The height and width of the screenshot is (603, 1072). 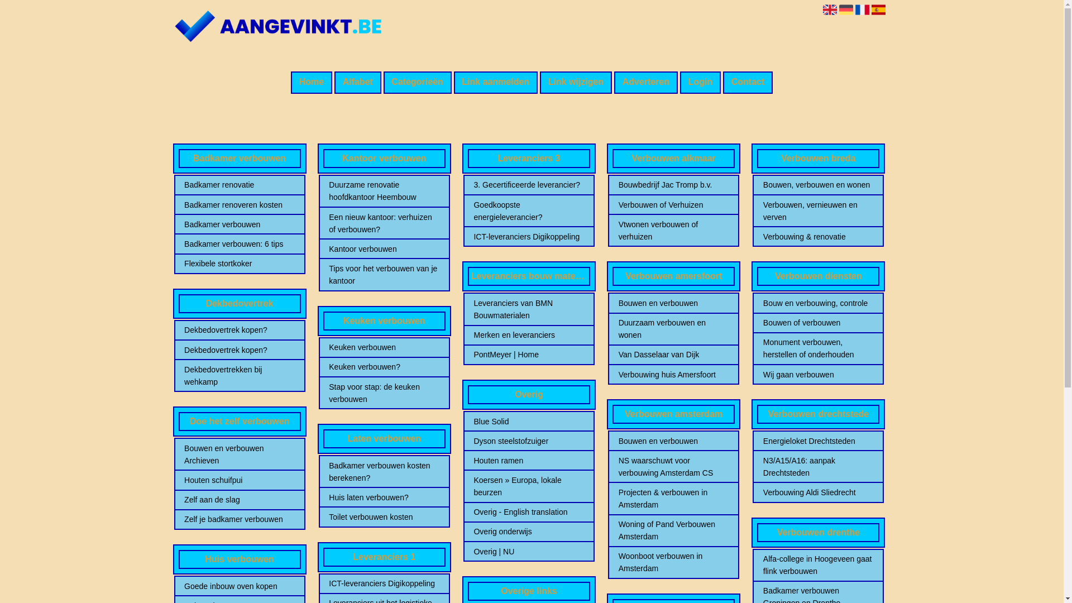 I want to click on 'Monument verbouwen, herstellen of onderhouden', so click(x=818, y=348).